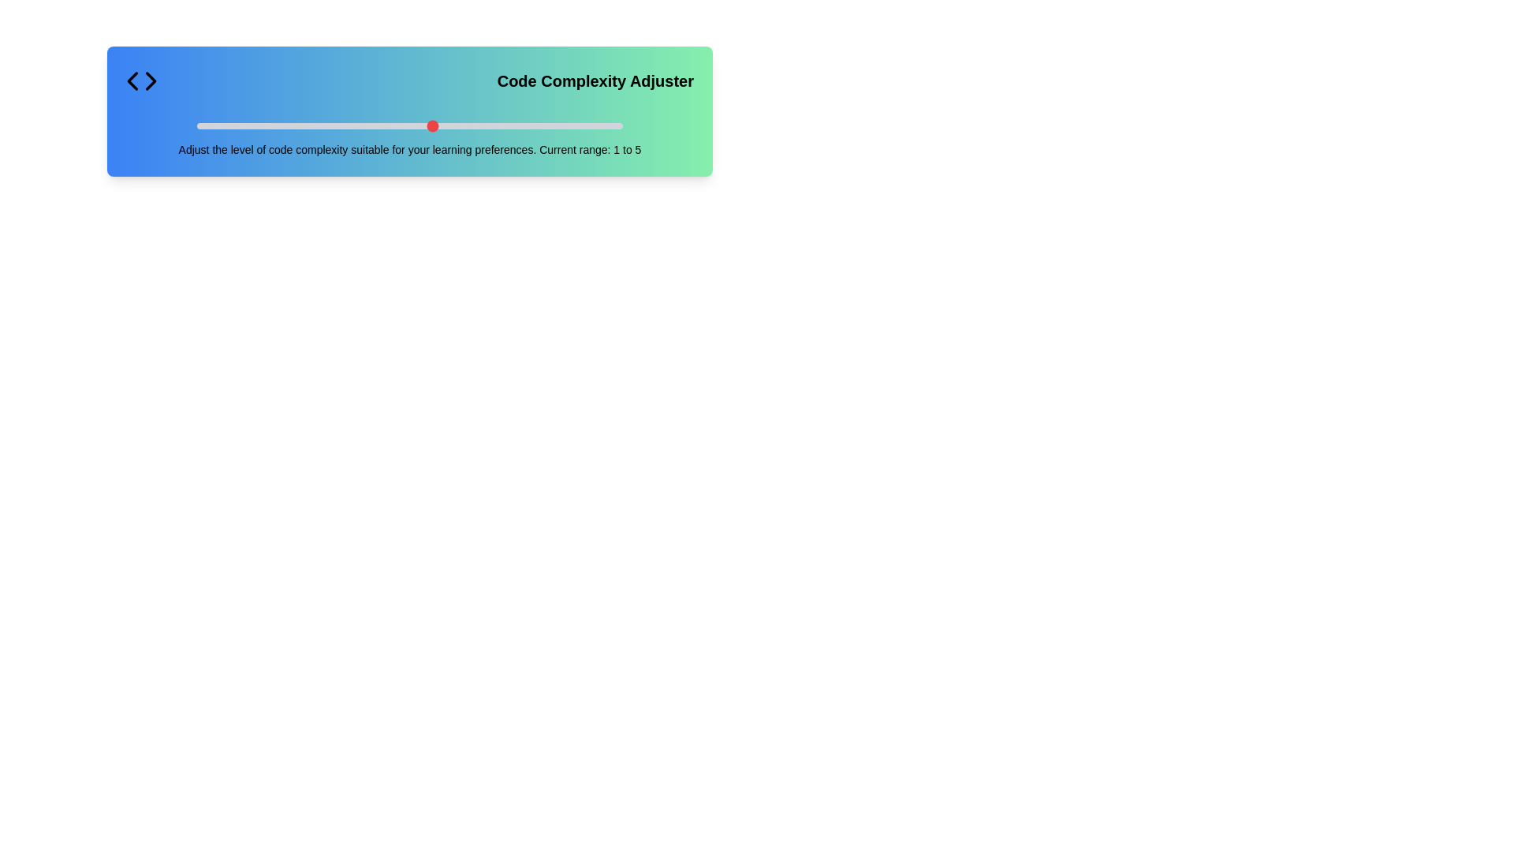 This screenshot has width=1514, height=852. What do you see at coordinates (574, 125) in the screenshot?
I see `the slider to set the code complexity to 9` at bounding box center [574, 125].